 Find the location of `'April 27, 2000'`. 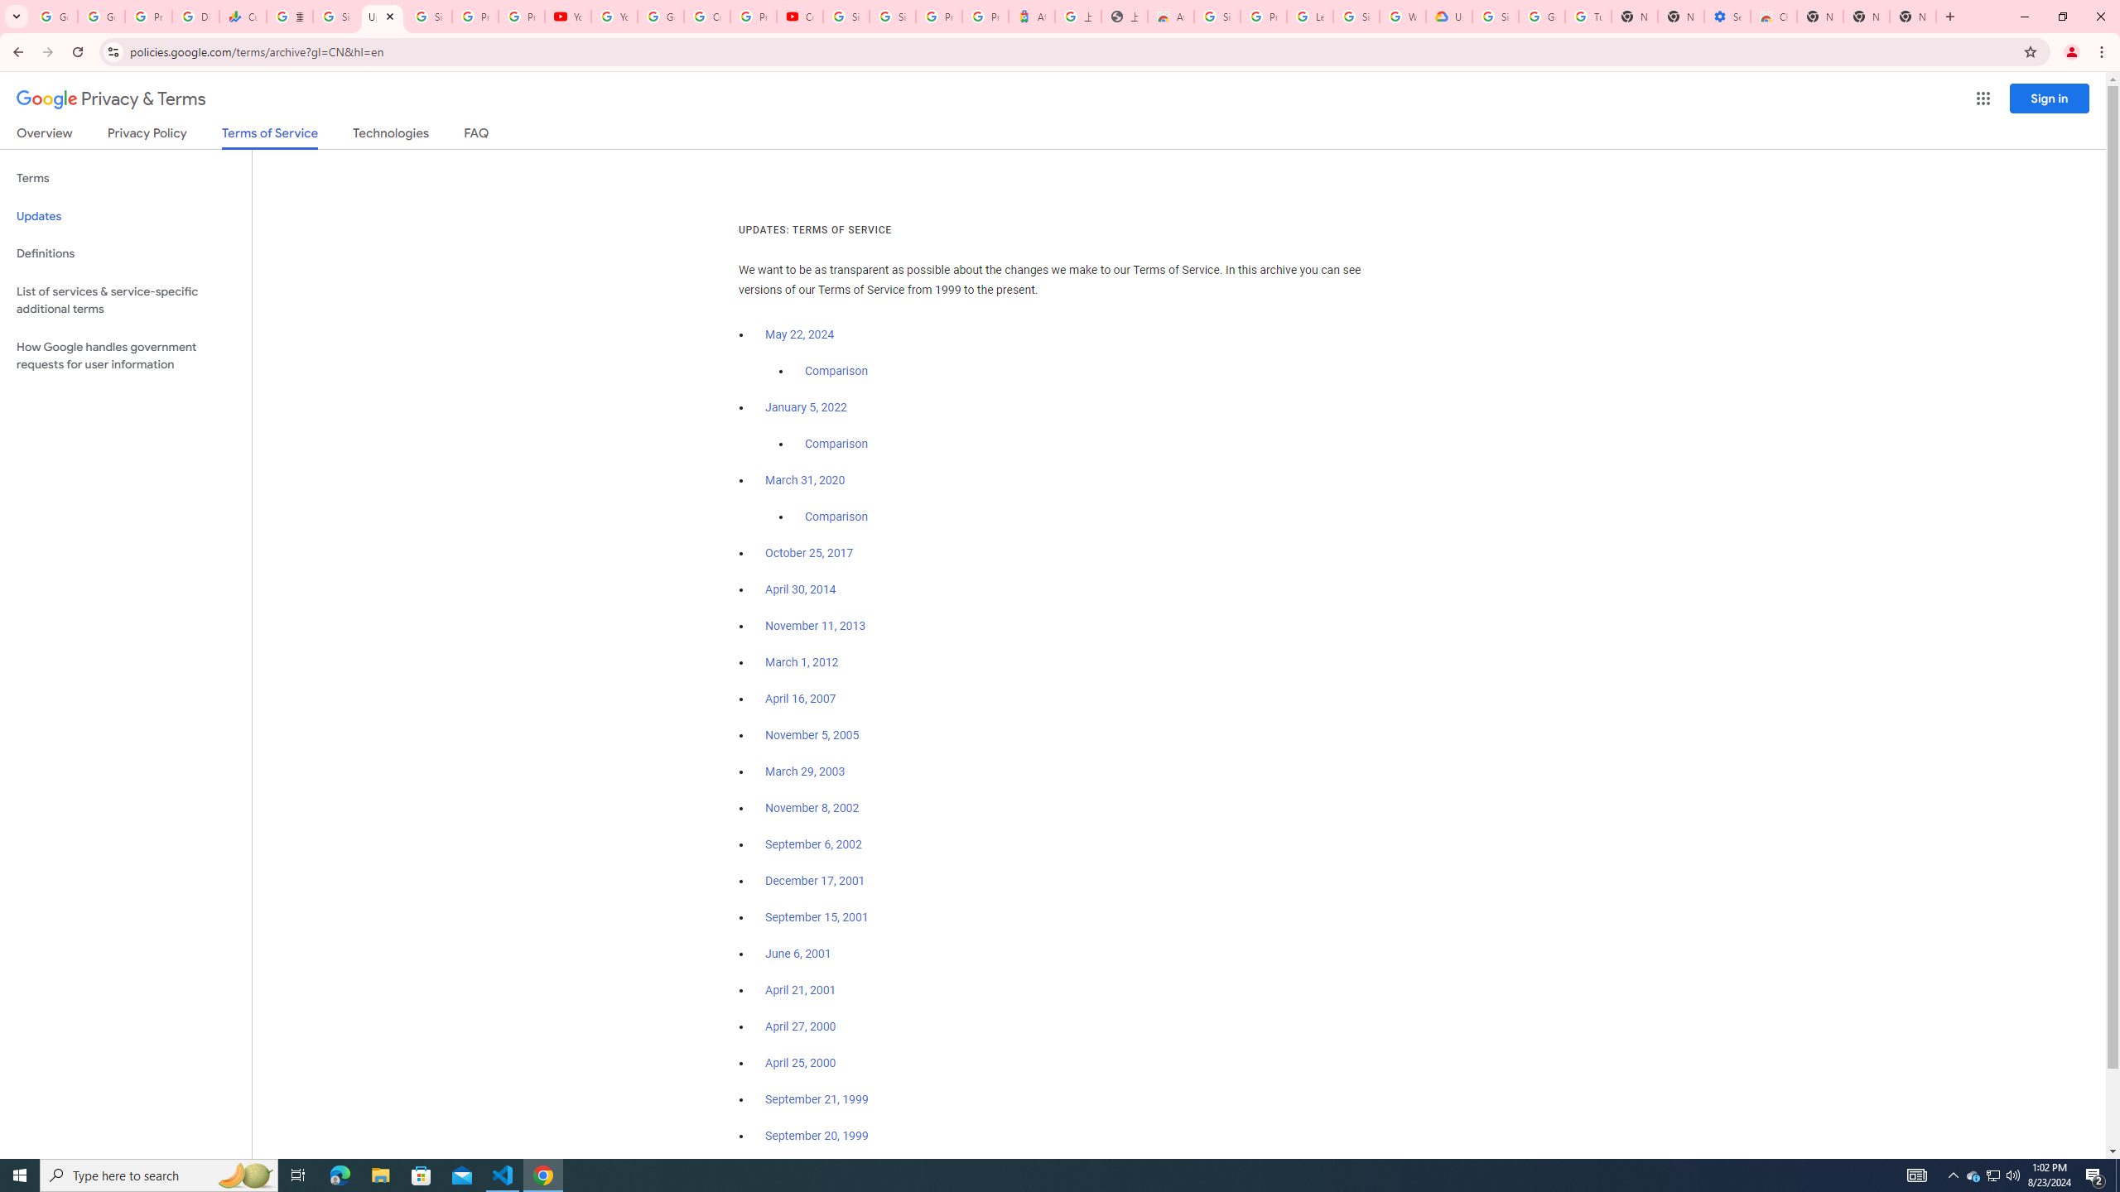

'April 27, 2000' is located at coordinates (800, 1025).